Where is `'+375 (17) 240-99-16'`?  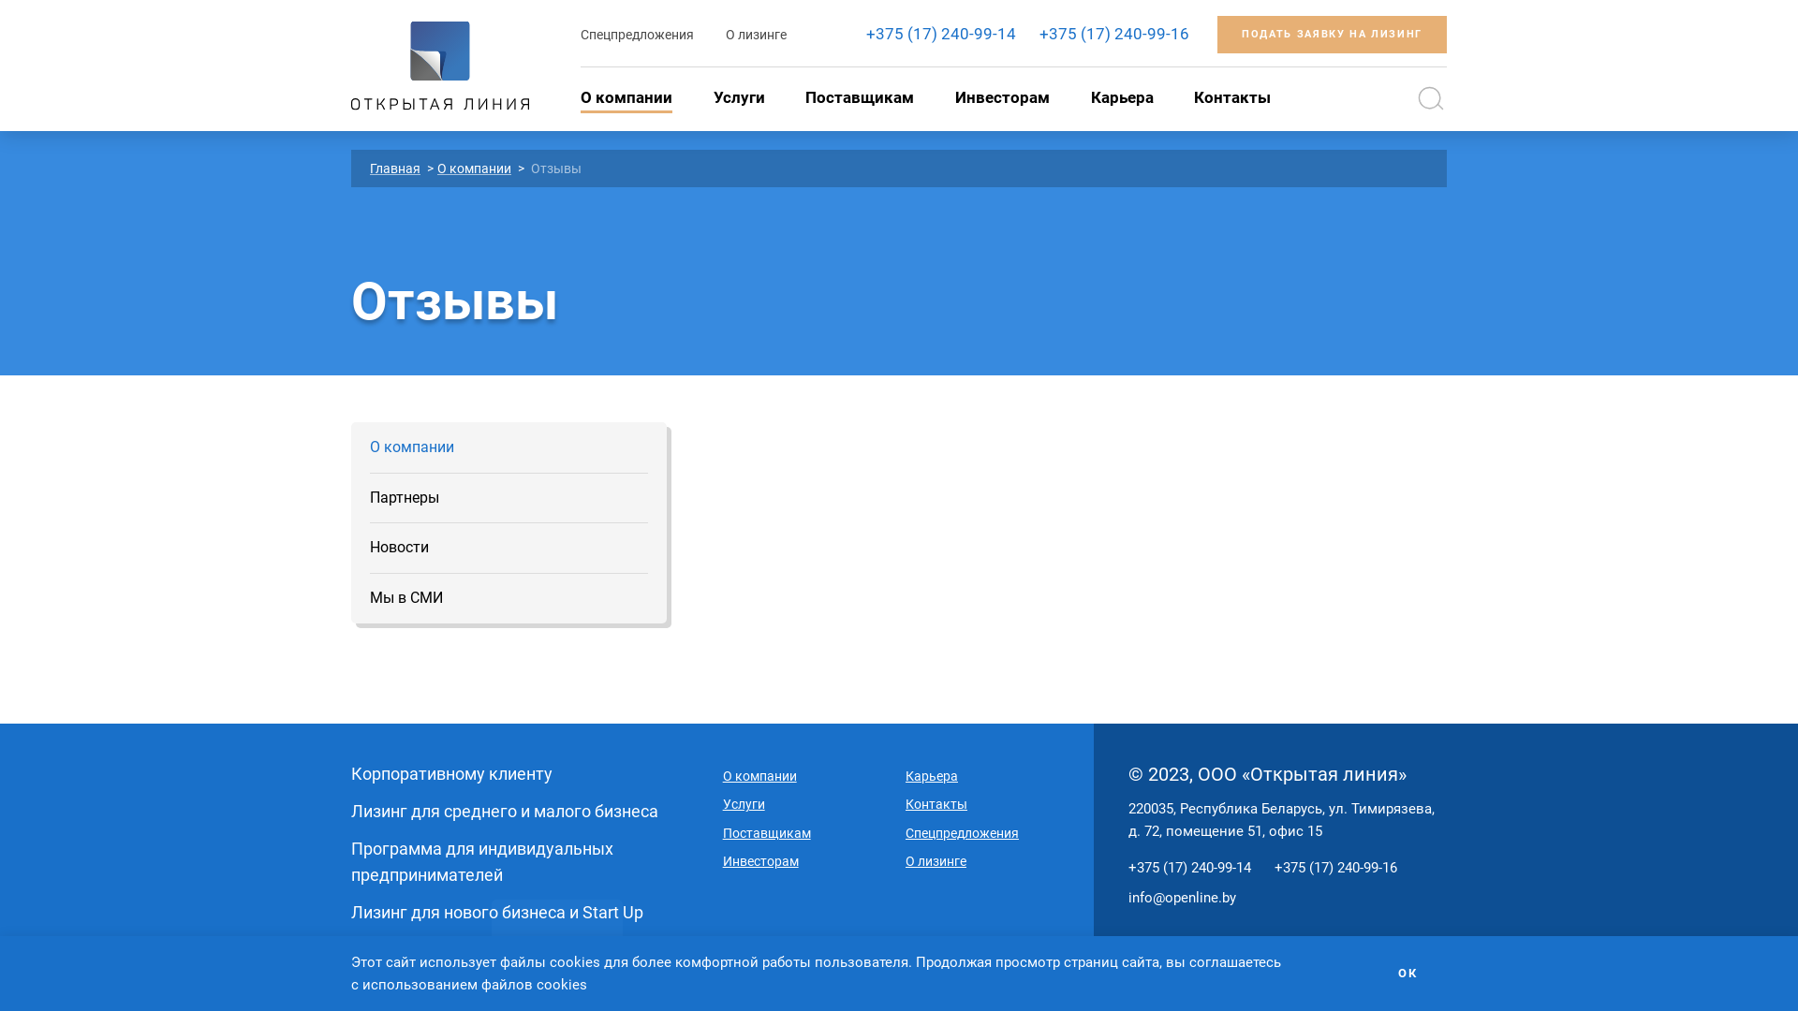 '+375 (17) 240-99-16' is located at coordinates (1114, 34).